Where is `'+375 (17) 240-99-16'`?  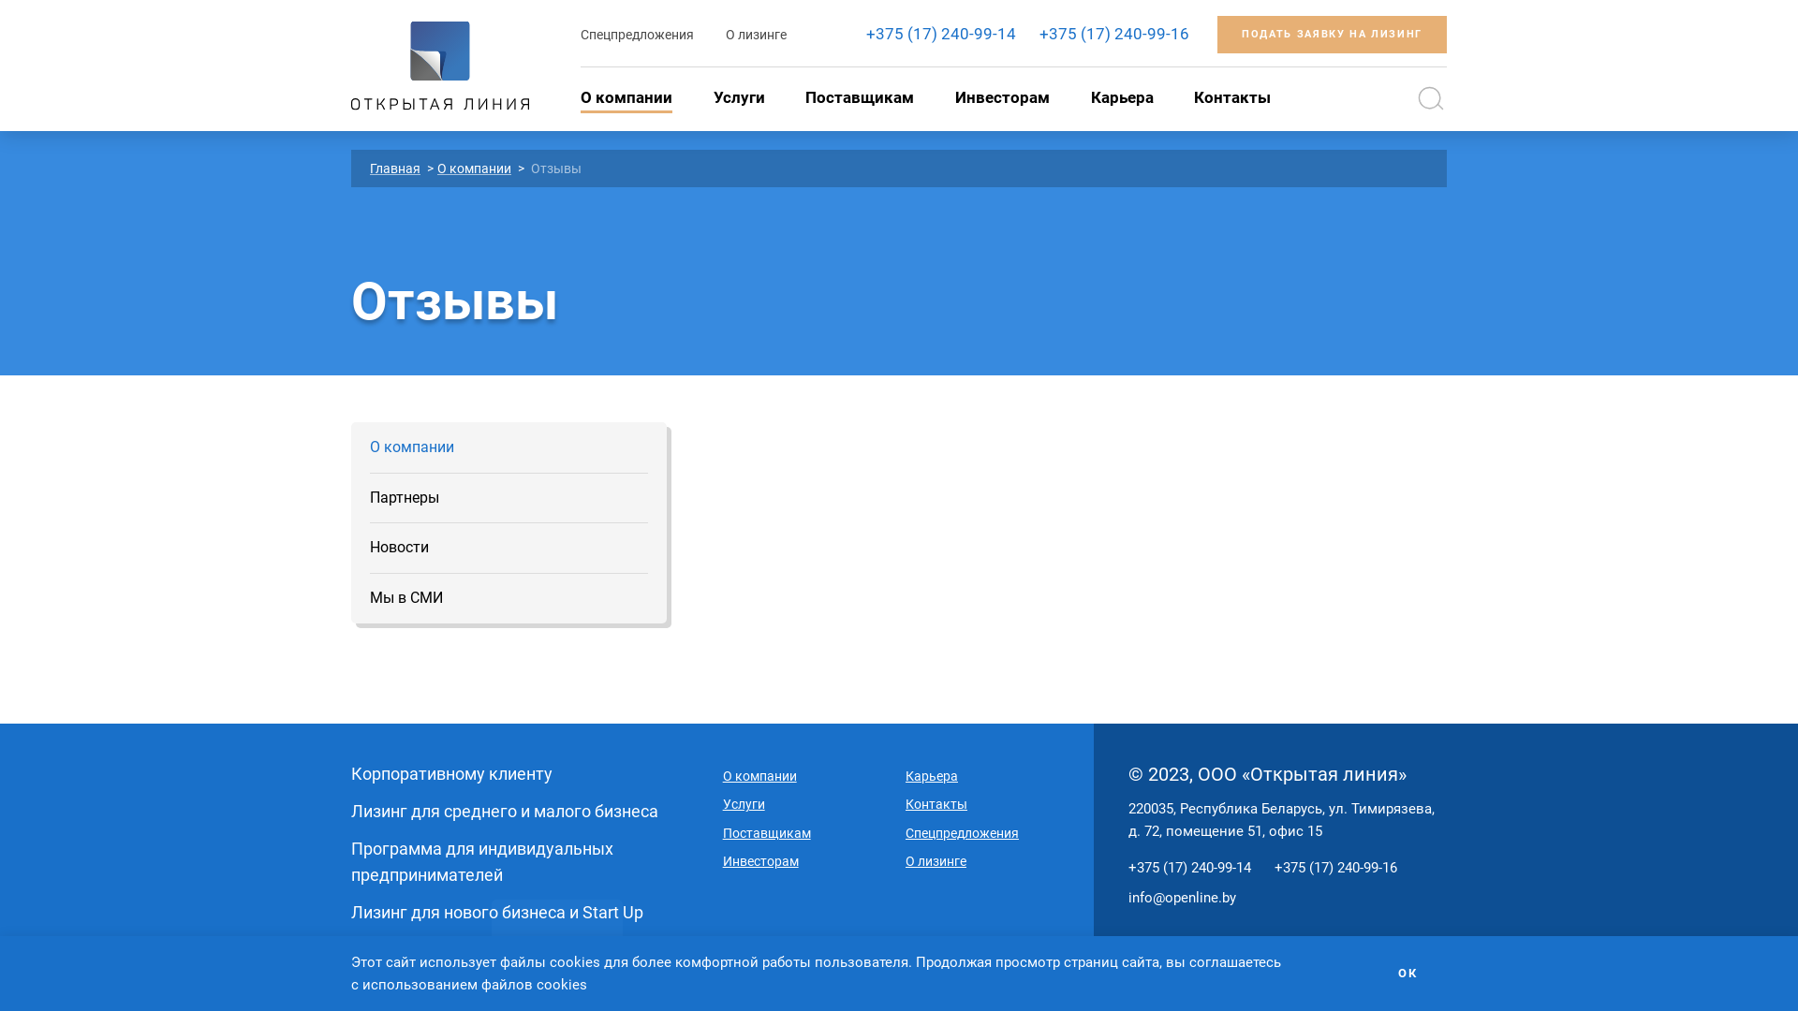 '+375 (17) 240-99-16' is located at coordinates (1114, 34).